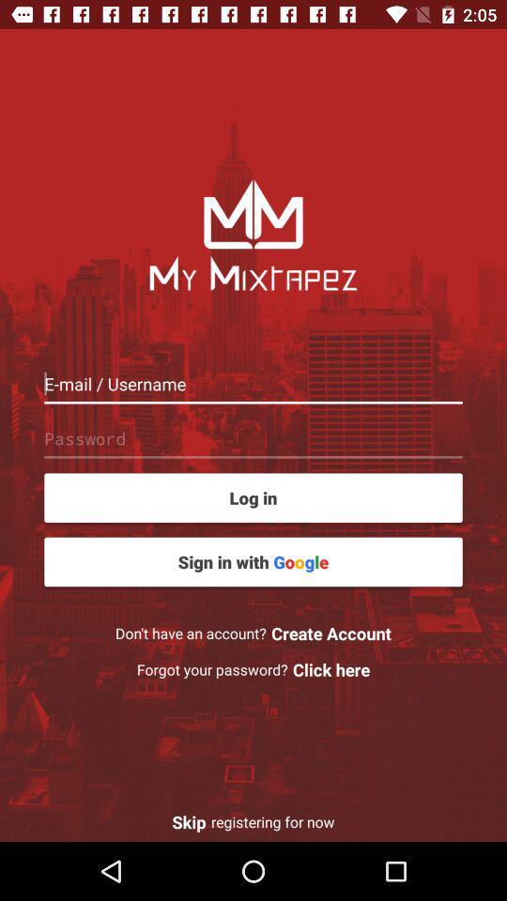 The height and width of the screenshot is (901, 507). What do you see at coordinates (253, 383) in the screenshot?
I see `email or username` at bounding box center [253, 383].